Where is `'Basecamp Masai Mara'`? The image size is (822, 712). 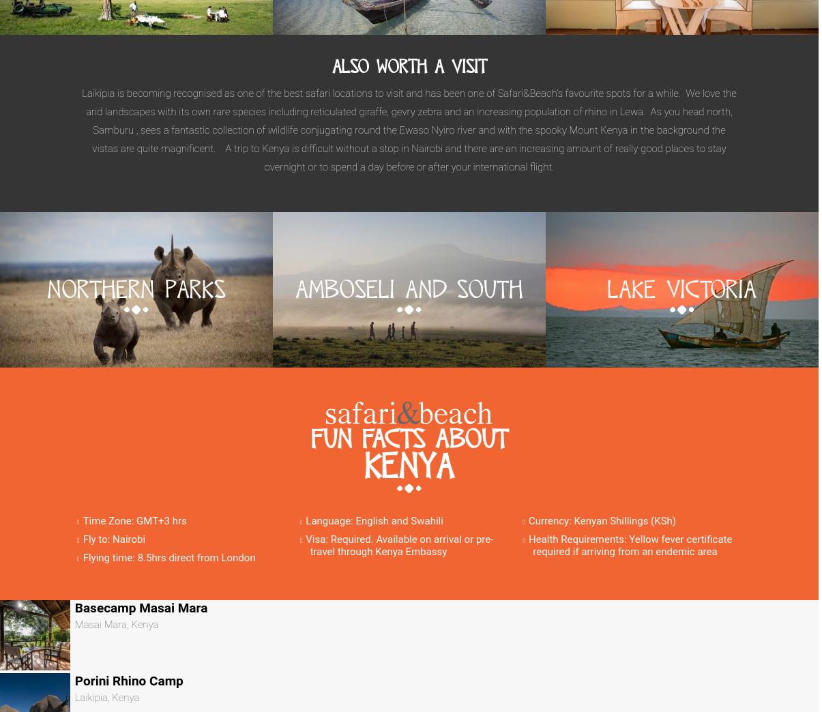
'Basecamp Masai Mara' is located at coordinates (140, 607).